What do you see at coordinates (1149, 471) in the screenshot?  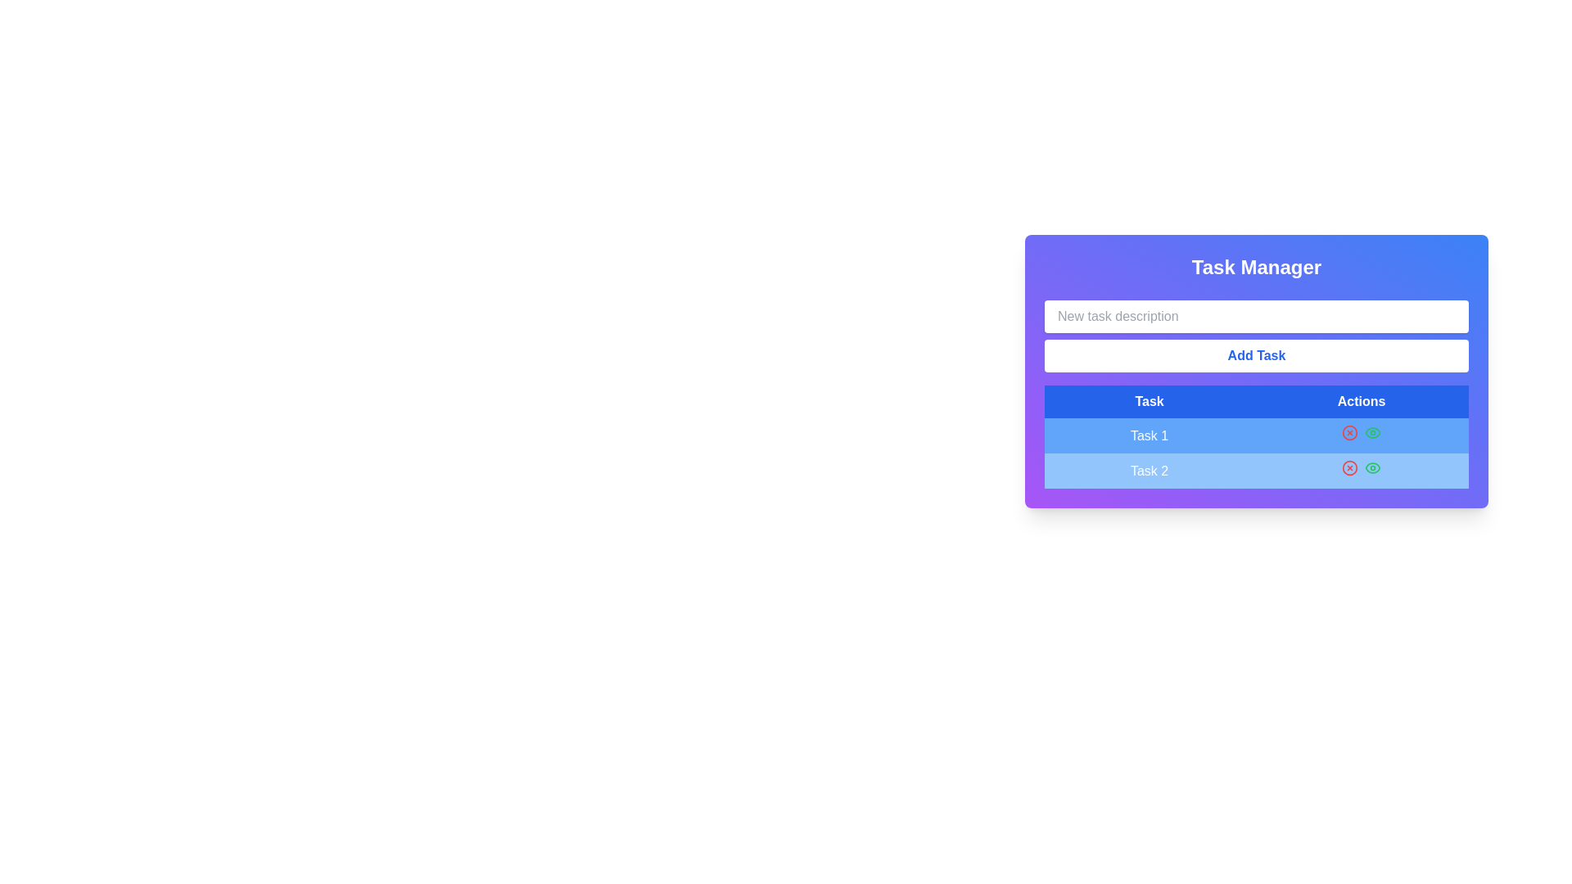 I see `the Text label in the second row under the 'Task' column of the task management interface` at bounding box center [1149, 471].